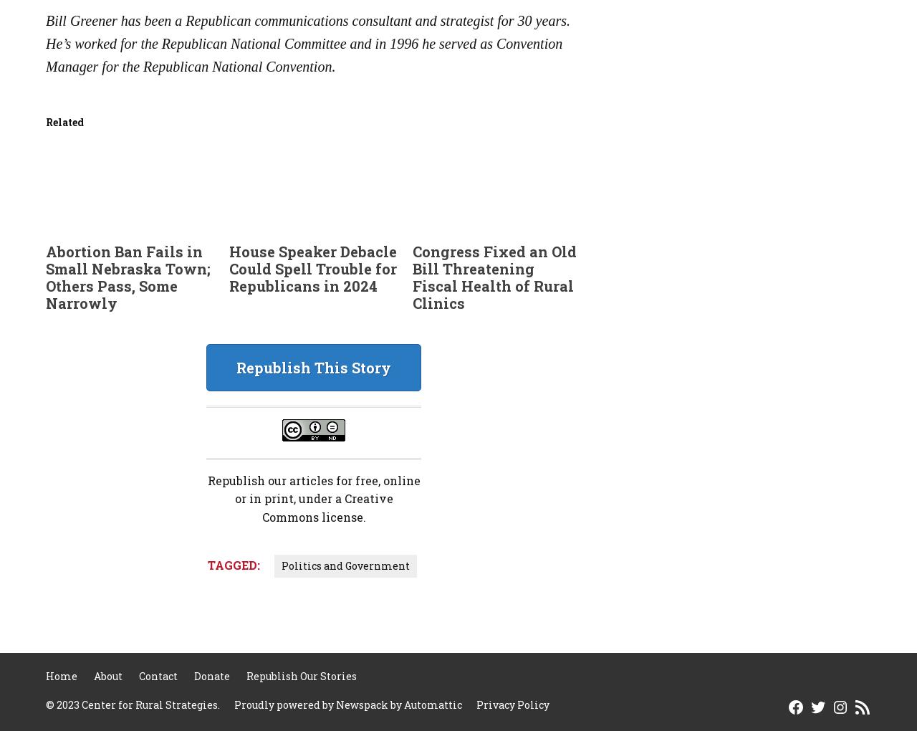 The height and width of the screenshot is (731, 917). I want to click on 'Home', so click(61, 675).